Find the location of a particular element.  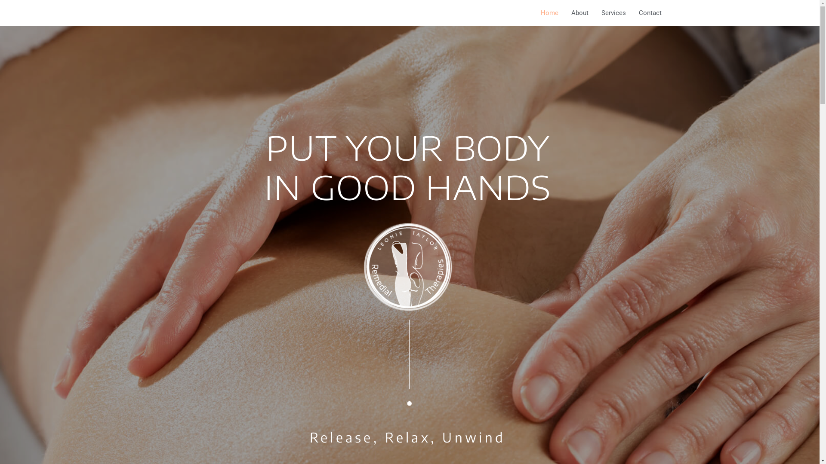

'Contact' is located at coordinates (650, 13).